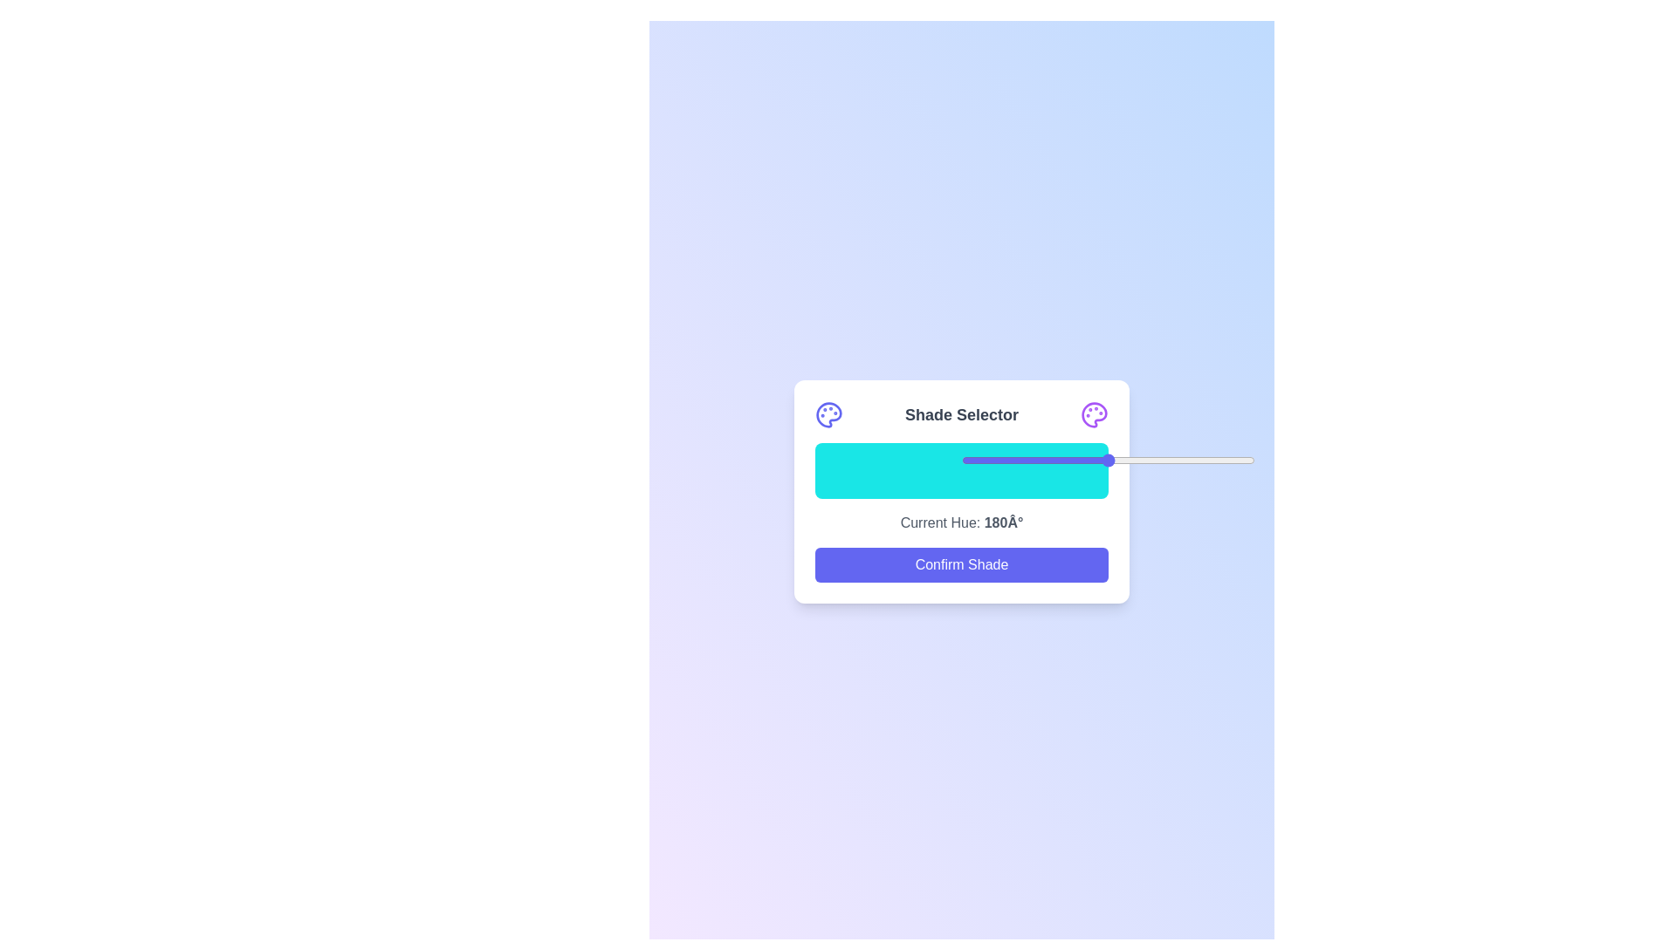 The height and width of the screenshot is (942, 1676). Describe the element at coordinates (1069, 471) in the screenshot. I see `the shade slider to 87 to observe the corresponding color` at that location.